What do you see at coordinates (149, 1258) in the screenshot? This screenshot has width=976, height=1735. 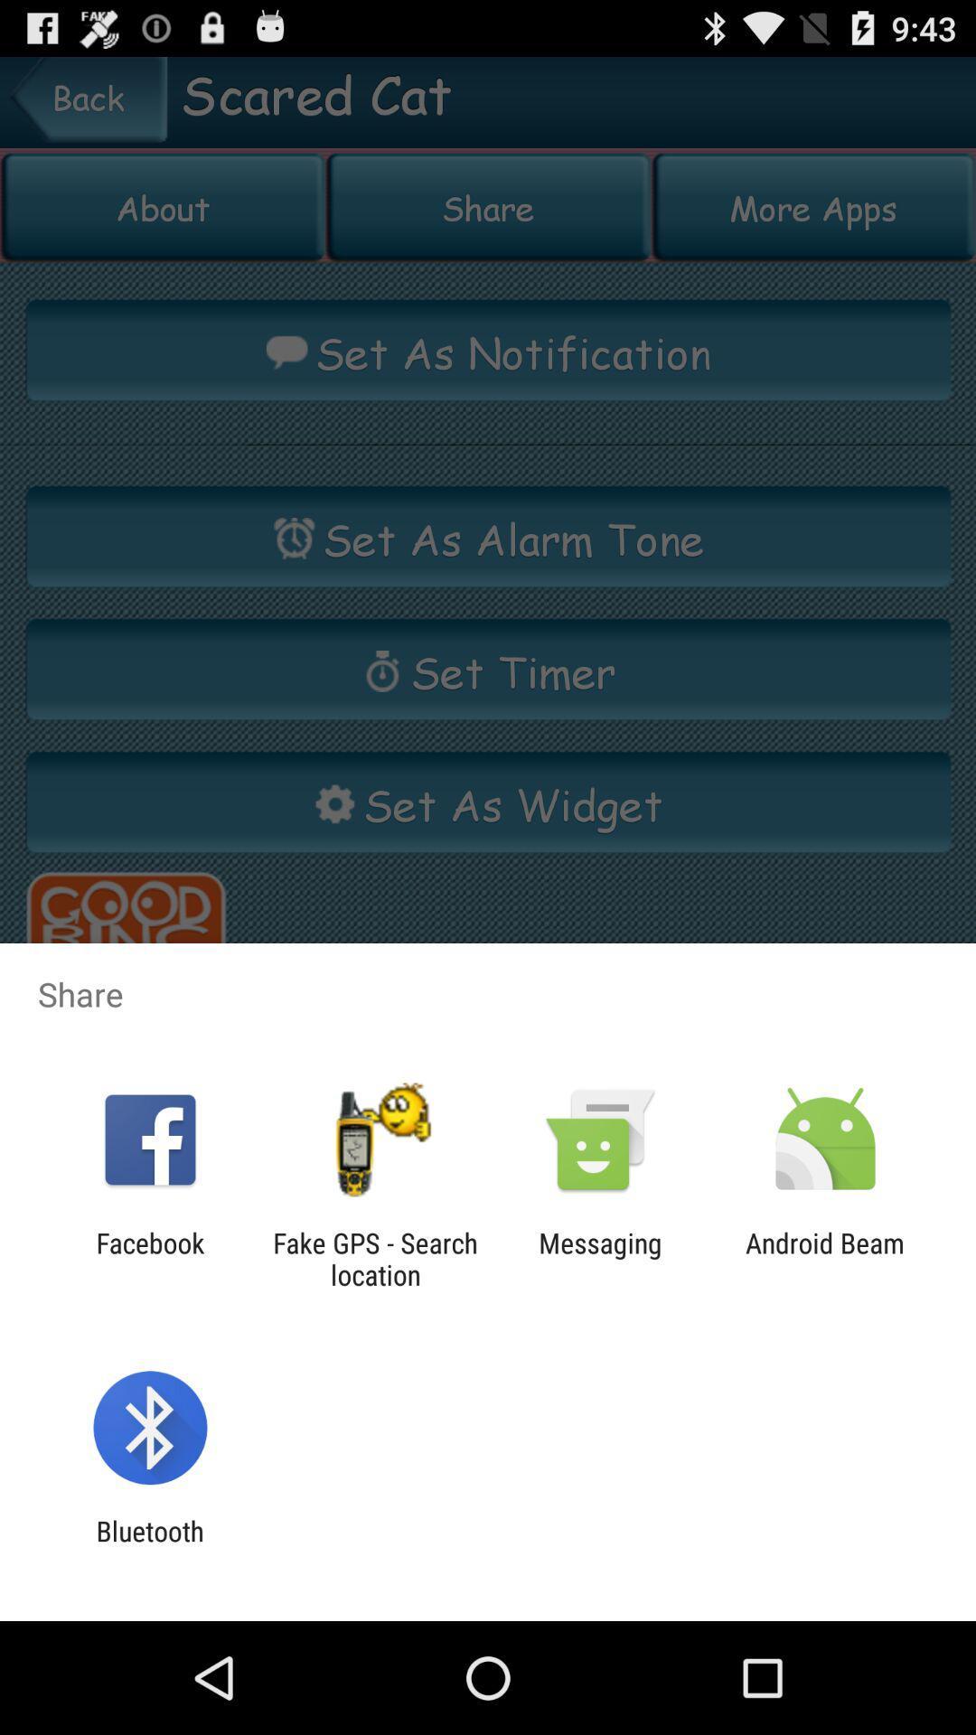 I see `the app next to the fake gps search app` at bounding box center [149, 1258].